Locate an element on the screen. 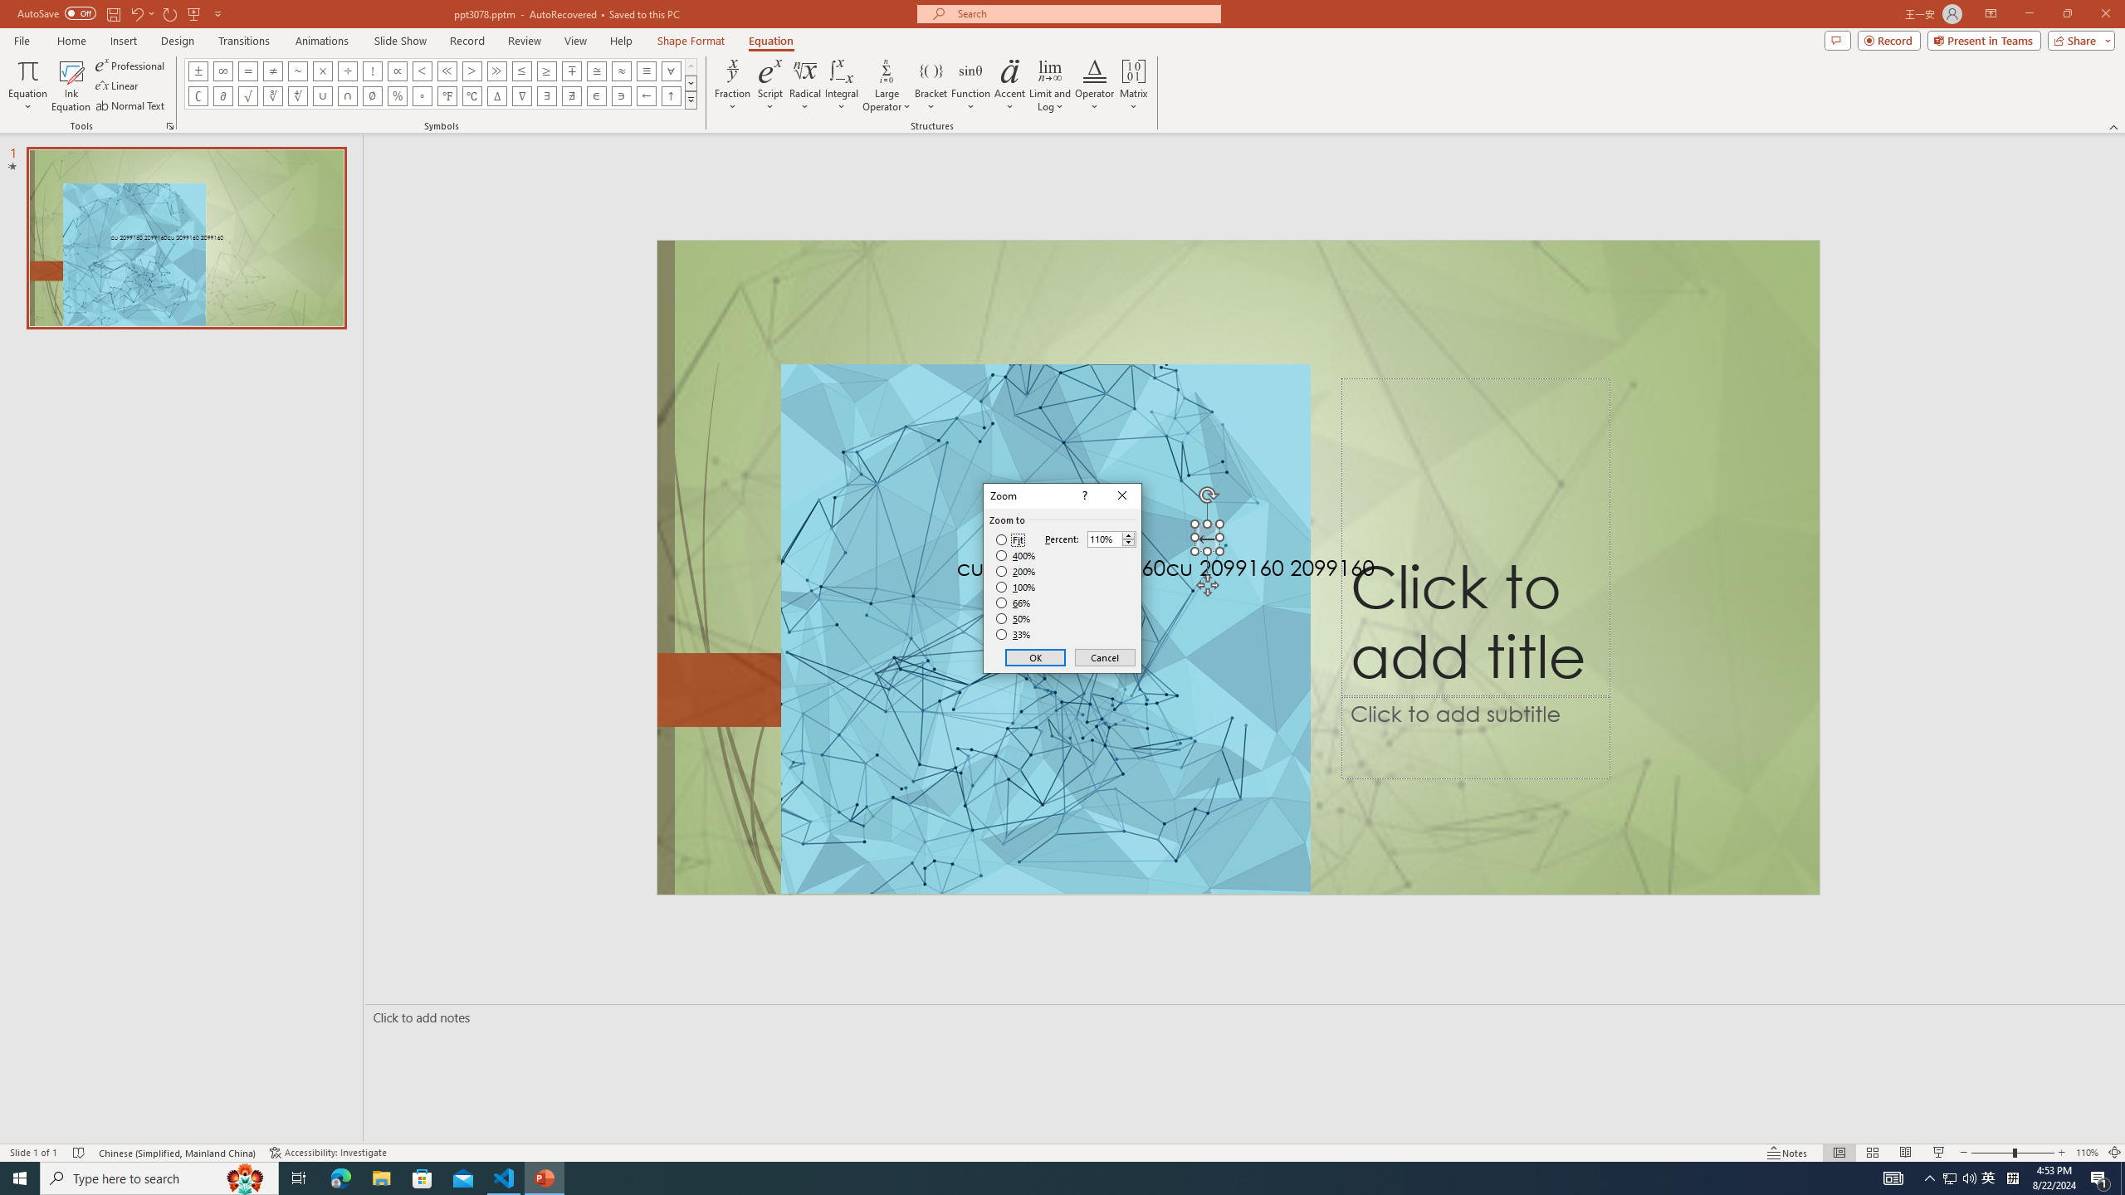 Image resolution: width=2125 pixels, height=1195 pixels. 'Large Operator' is located at coordinates (887, 85).